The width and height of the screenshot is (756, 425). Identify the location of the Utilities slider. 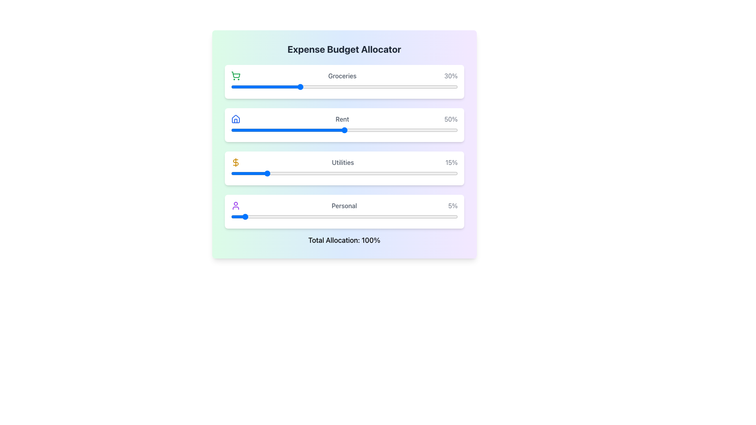
(256, 173).